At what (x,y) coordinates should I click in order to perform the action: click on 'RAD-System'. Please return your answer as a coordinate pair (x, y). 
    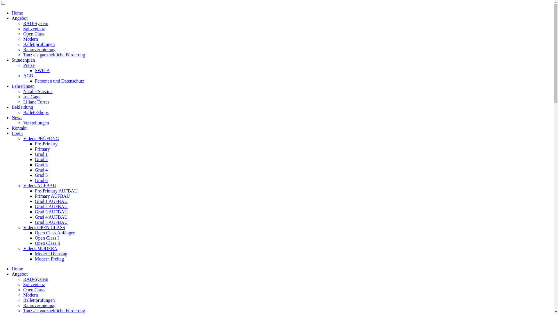
    Looking at the image, I should click on (35, 279).